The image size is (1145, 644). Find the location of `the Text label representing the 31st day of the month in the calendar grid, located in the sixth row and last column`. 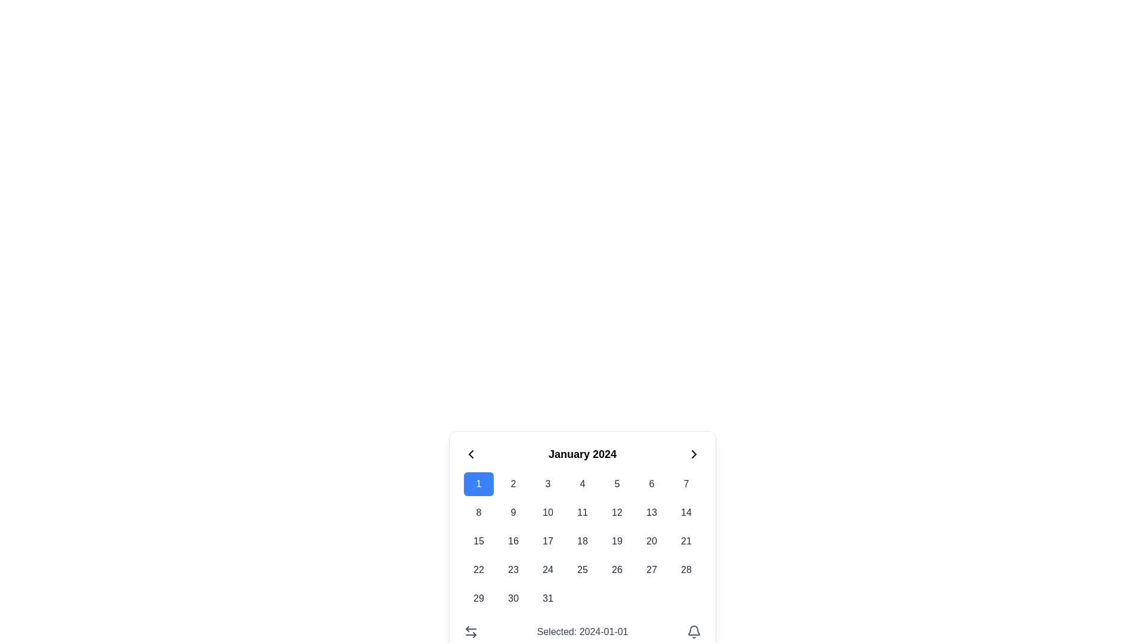

the Text label representing the 31st day of the month in the calendar grid, located in the sixth row and last column is located at coordinates (547, 598).